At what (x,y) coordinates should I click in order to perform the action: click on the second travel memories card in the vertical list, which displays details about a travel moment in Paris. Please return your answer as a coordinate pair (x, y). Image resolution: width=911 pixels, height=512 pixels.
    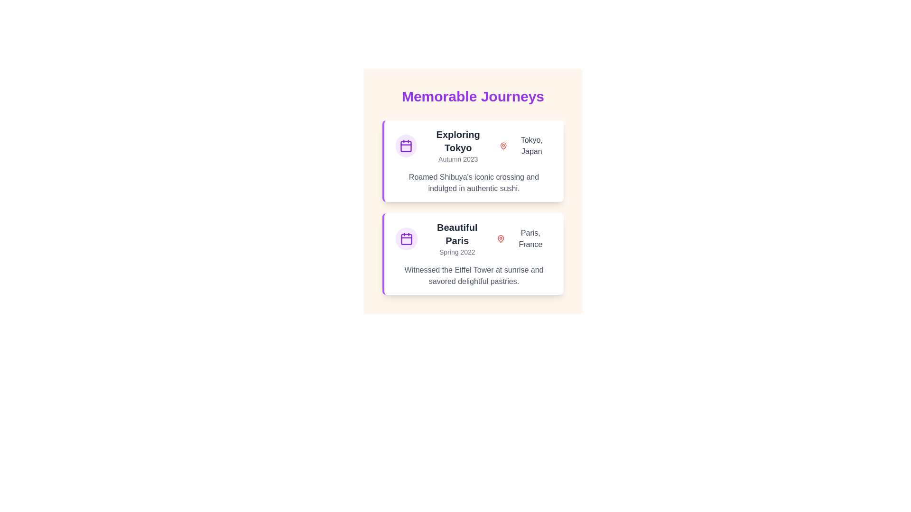
    Looking at the image, I should click on (473, 254).